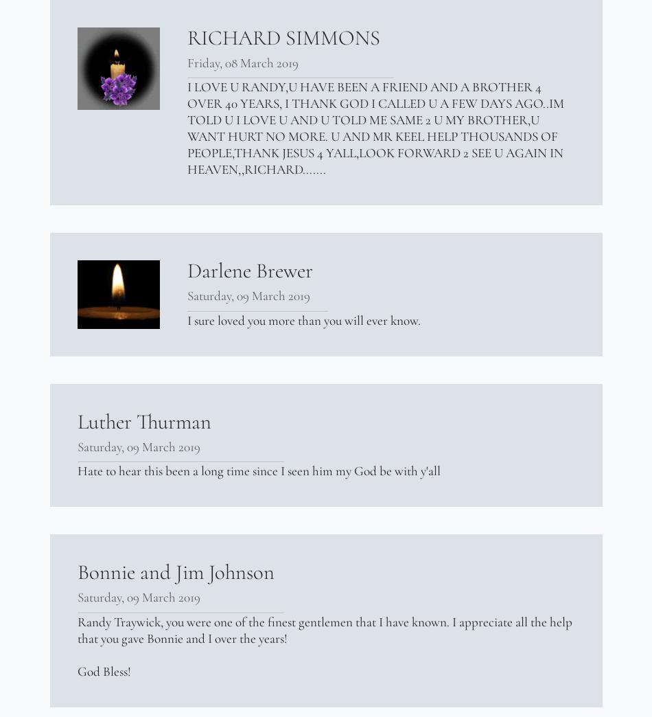 Image resolution: width=652 pixels, height=717 pixels. I want to click on 'Darlene Brewer', so click(248, 270).